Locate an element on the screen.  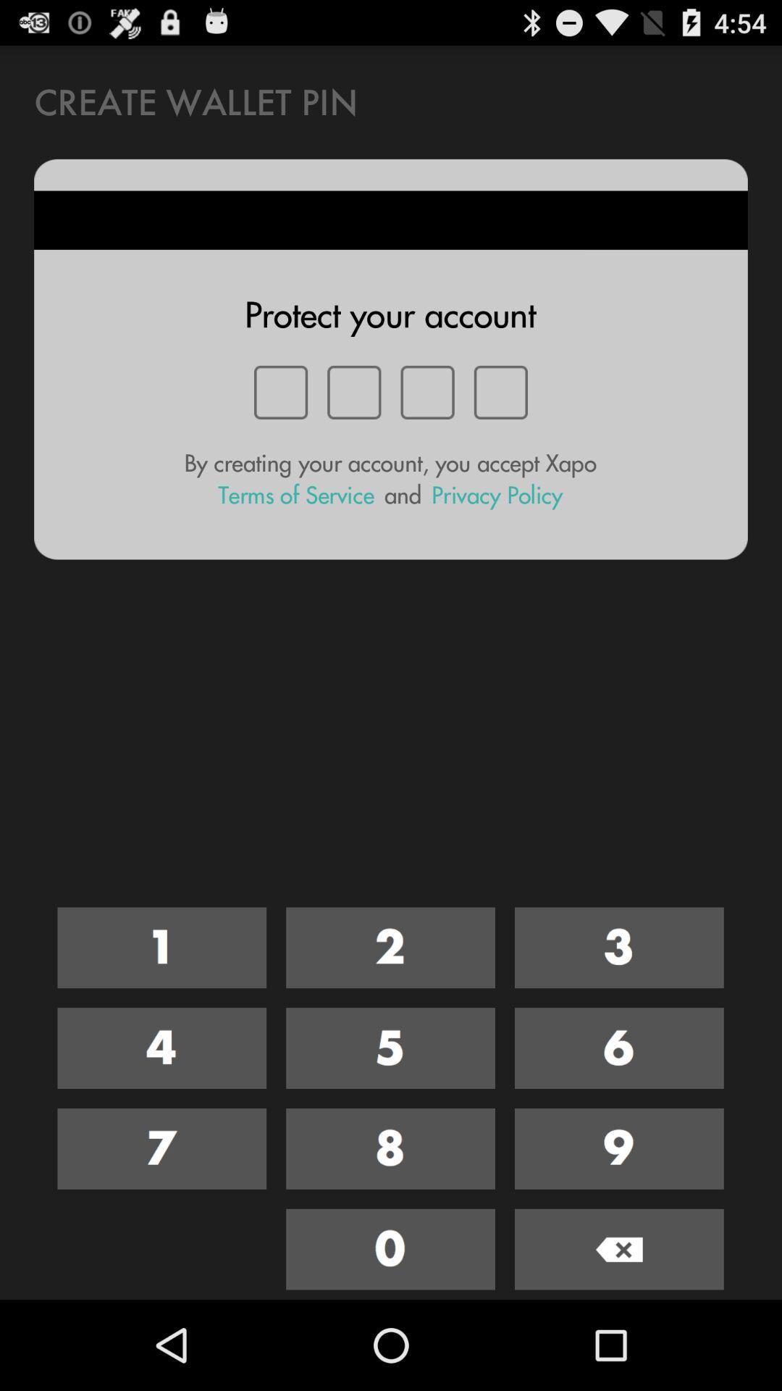
zero is located at coordinates (390, 1248).